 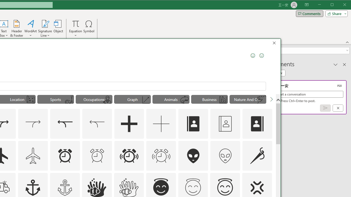 I want to click on 'Header & Footer...', so click(x=16, y=28).